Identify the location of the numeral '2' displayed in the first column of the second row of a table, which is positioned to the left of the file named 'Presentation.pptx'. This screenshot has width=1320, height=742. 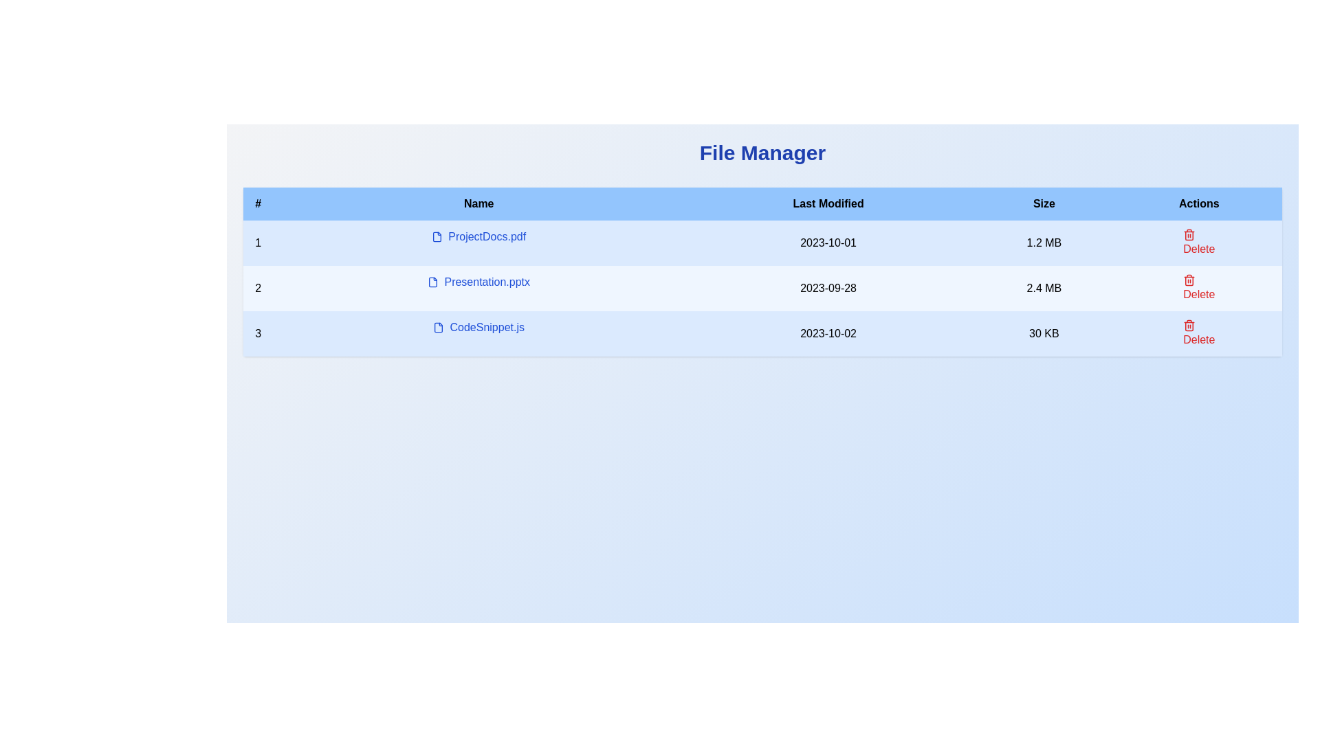
(258, 288).